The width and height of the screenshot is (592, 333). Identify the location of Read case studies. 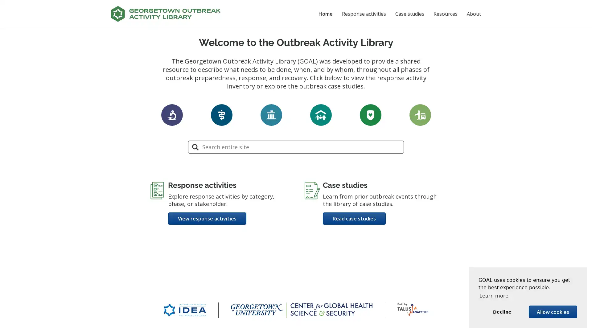
(354, 218).